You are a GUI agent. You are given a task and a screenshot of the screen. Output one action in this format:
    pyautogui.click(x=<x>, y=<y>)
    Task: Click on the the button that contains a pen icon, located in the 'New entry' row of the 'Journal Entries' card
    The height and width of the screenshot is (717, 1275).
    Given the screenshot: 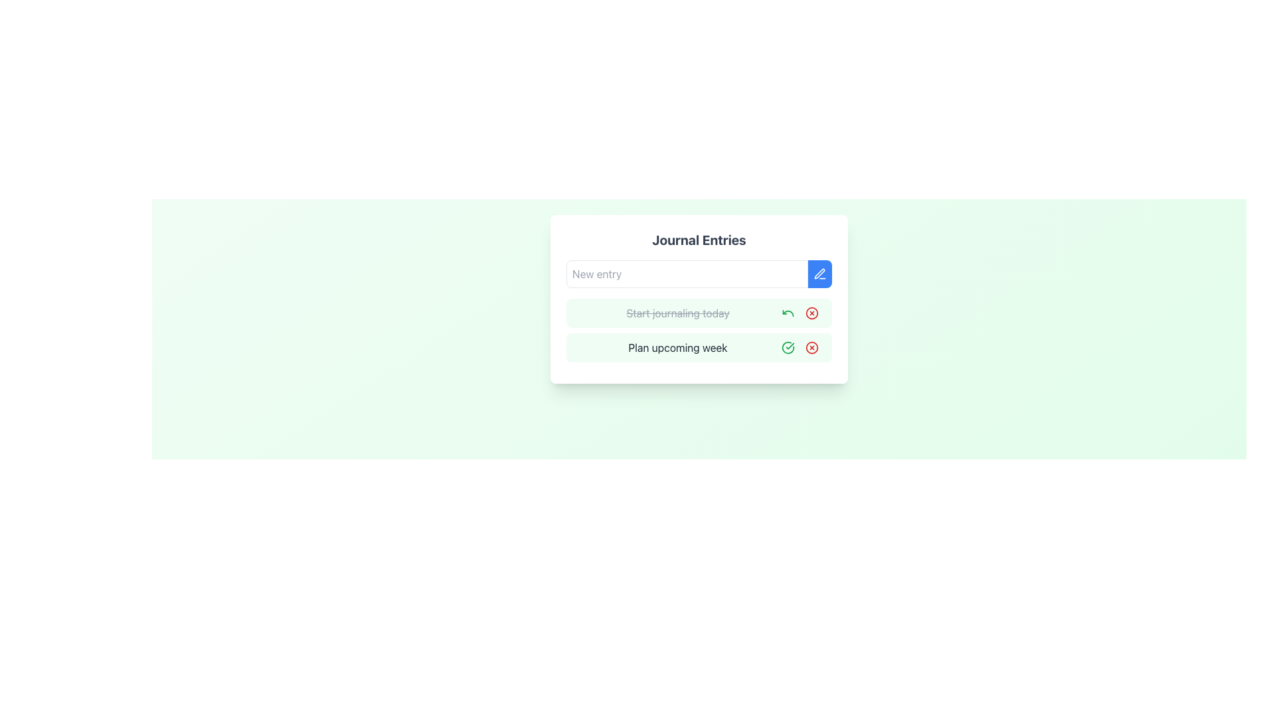 What is the action you would take?
    pyautogui.click(x=819, y=273)
    